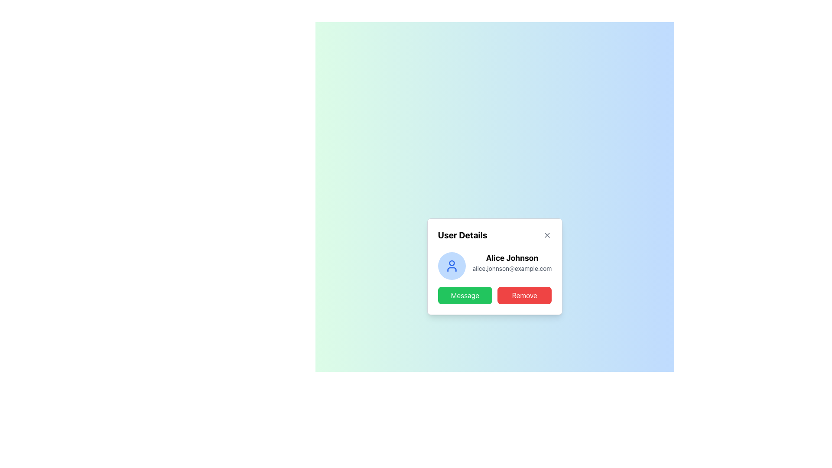 This screenshot has height=468, width=832. I want to click on the green 'Message' button with white text, so click(465, 295).